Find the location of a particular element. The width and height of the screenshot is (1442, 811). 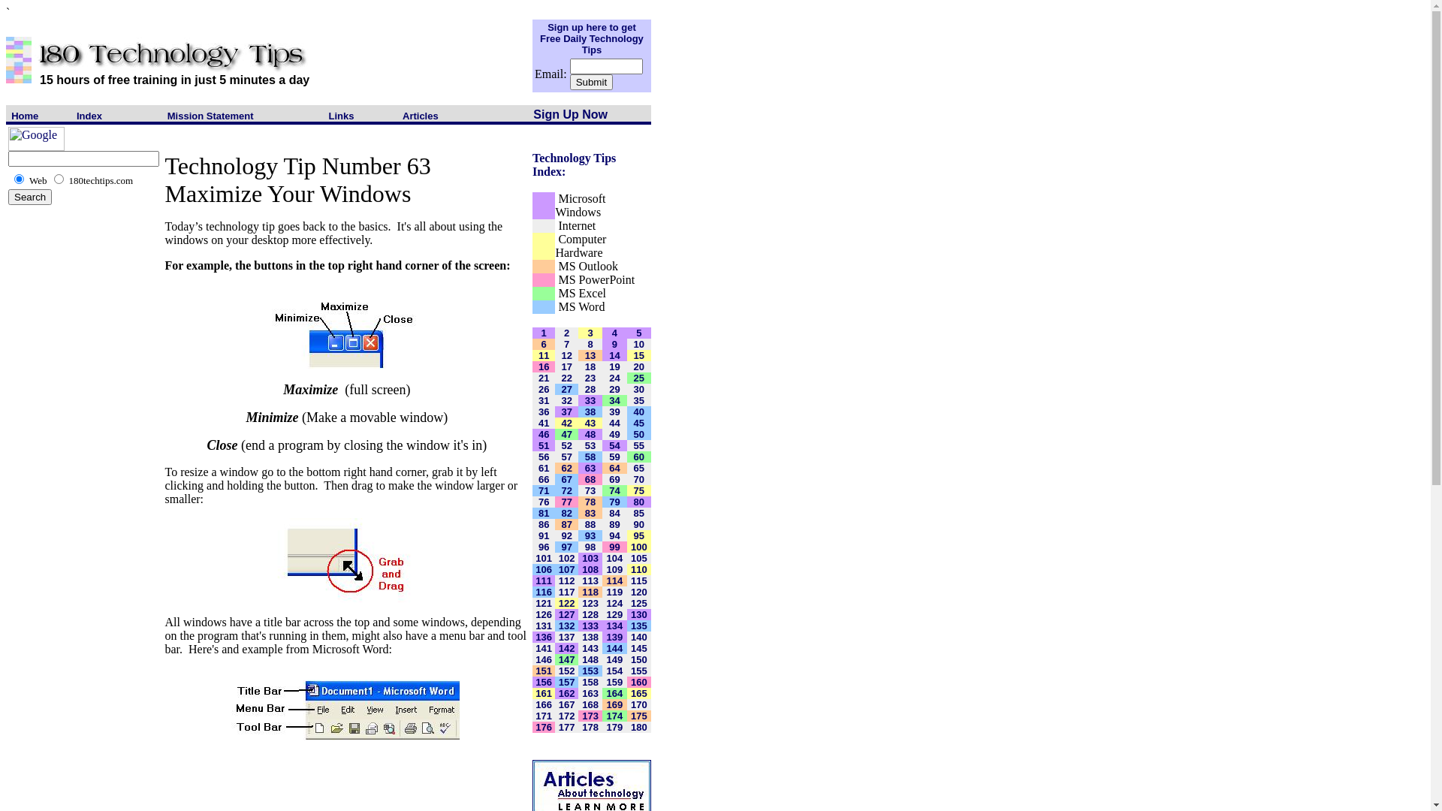

'121' is located at coordinates (543, 601).